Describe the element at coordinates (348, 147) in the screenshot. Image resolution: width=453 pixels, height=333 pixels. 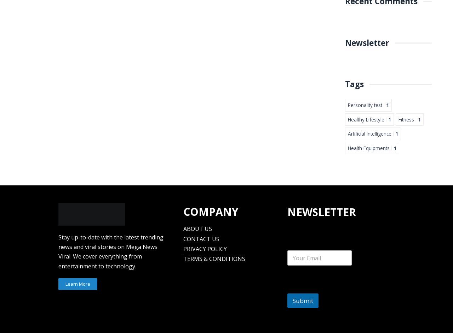
I see `'Health Equipments'` at that location.